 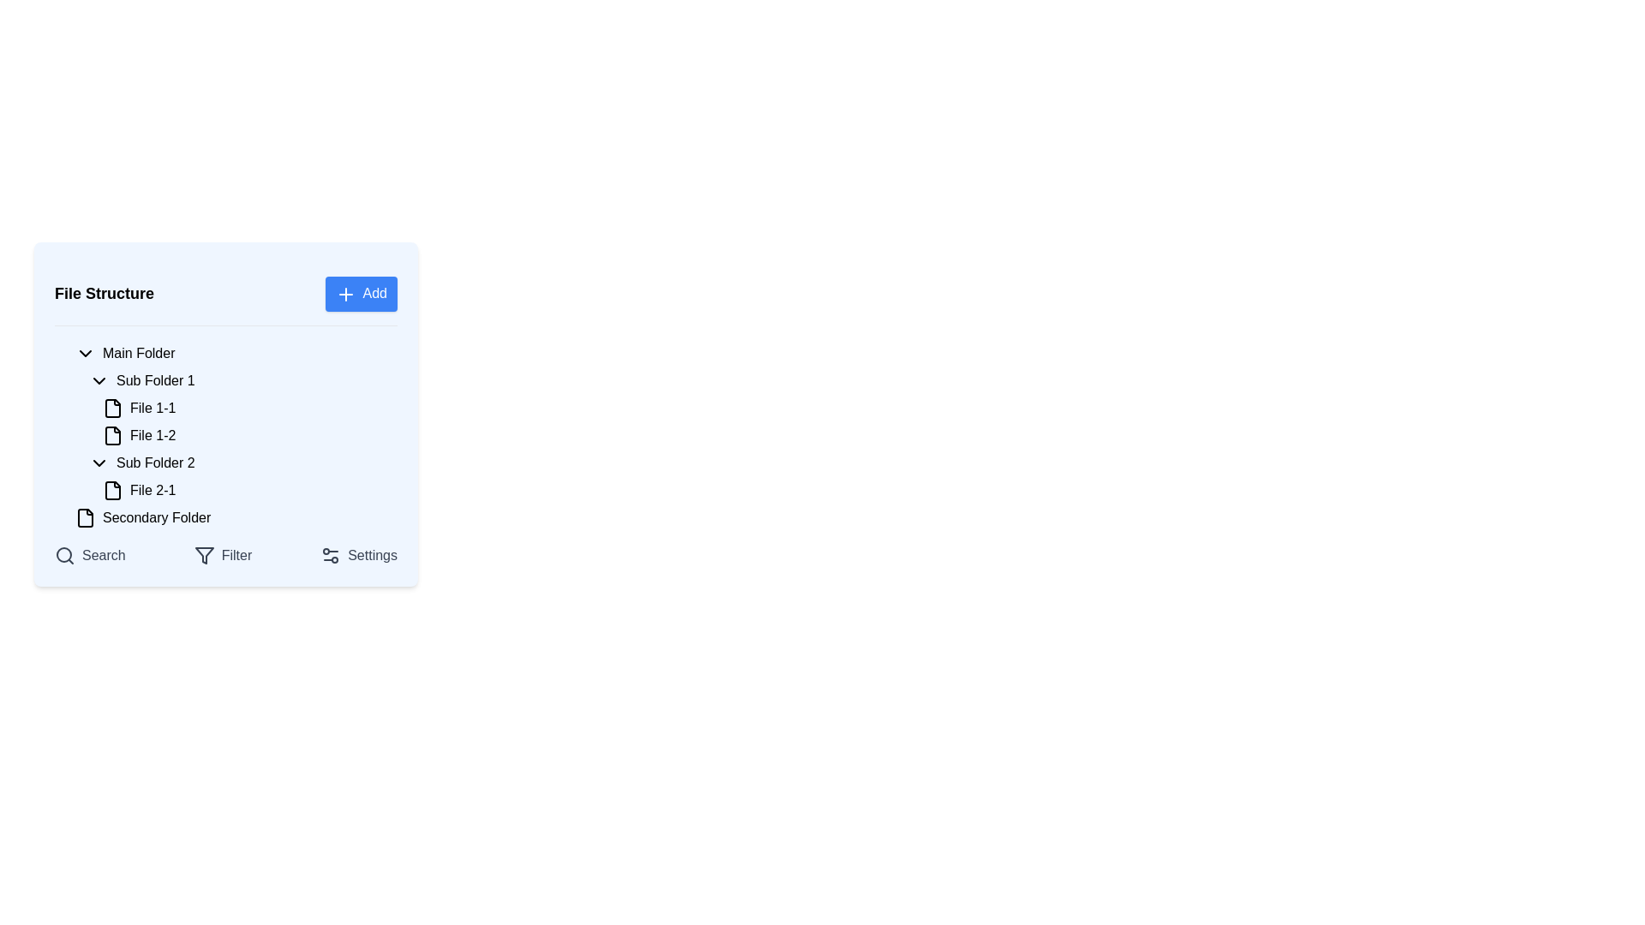 I want to click on the non-interactive file icon that visually indicates 'File 1-2' under 'Sub Folder 1' in the file structure, so click(x=112, y=434).